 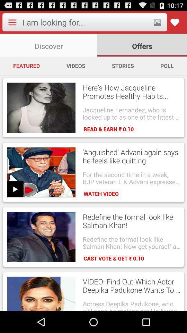 What do you see at coordinates (12, 22) in the screenshot?
I see `menu` at bounding box center [12, 22].